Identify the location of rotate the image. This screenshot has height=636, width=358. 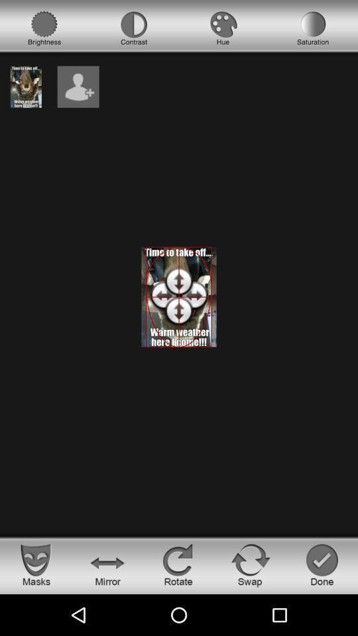
(179, 564).